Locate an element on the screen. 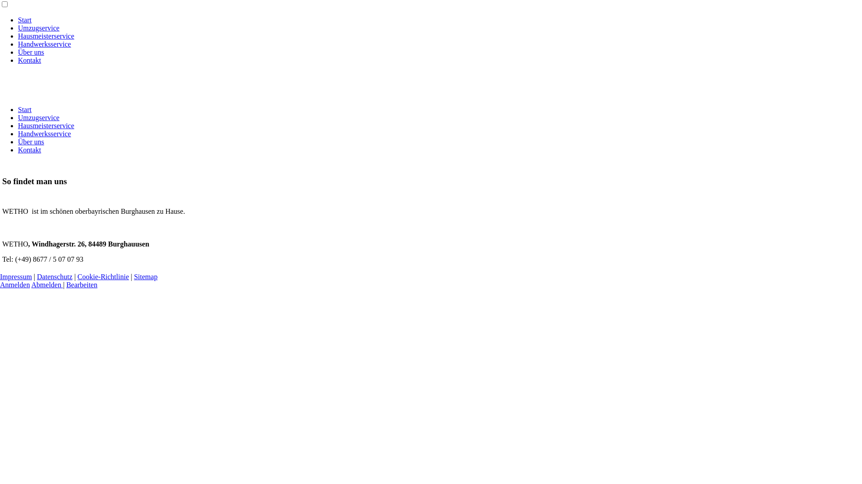  'Hausmeisterservice' is located at coordinates (45, 35).